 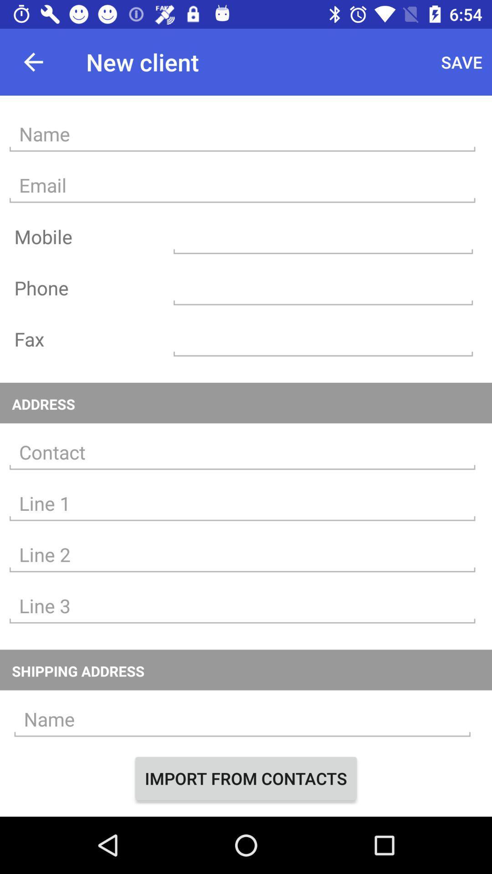 What do you see at coordinates (461, 61) in the screenshot?
I see `the item next to new client item` at bounding box center [461, 61].